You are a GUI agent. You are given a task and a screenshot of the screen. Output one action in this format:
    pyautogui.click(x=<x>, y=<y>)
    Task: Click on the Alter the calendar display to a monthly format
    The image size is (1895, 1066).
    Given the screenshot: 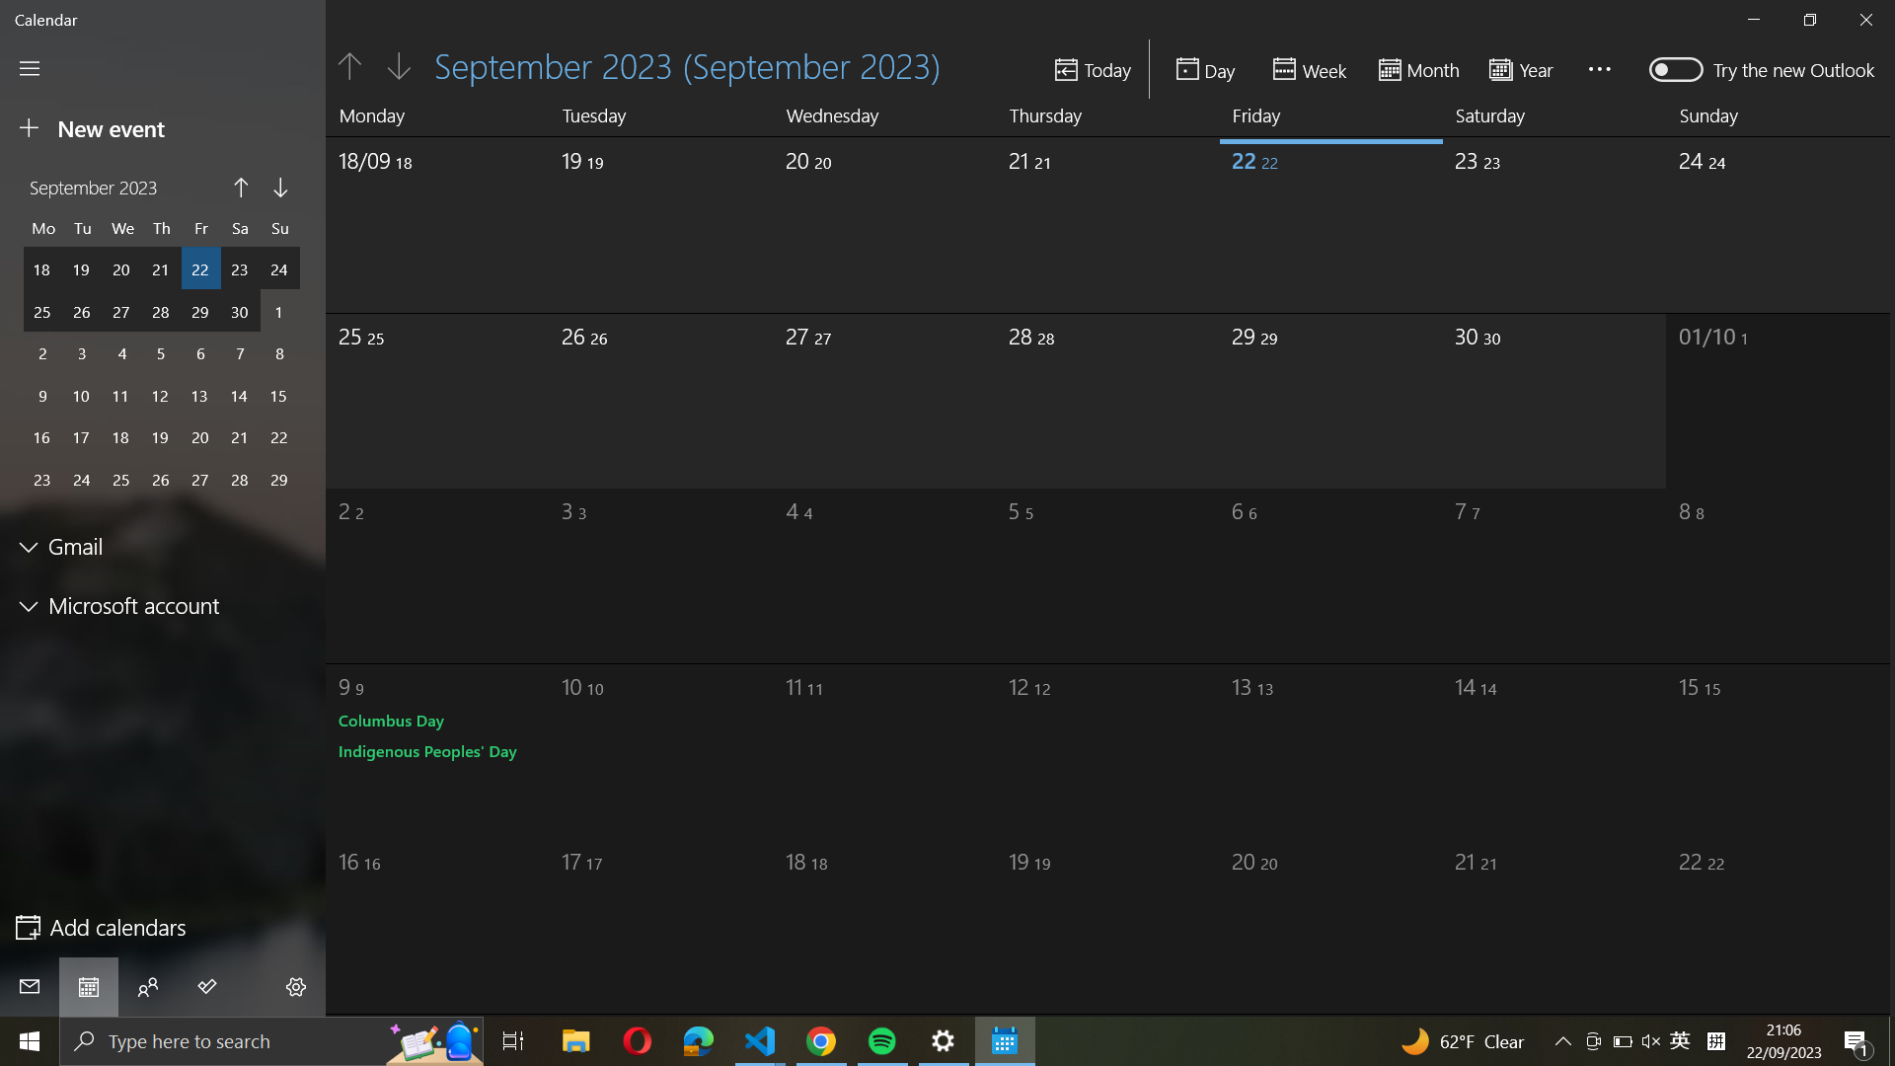 What is the action you would take?
    pyautogui.click(x=1418, y=67)
    